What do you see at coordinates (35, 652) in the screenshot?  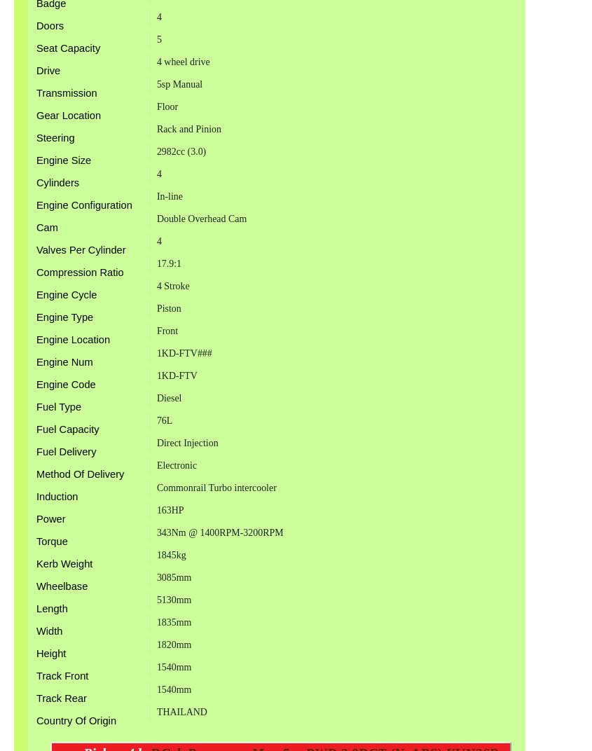 I see `'Height'` at bounding box center [35, 652].